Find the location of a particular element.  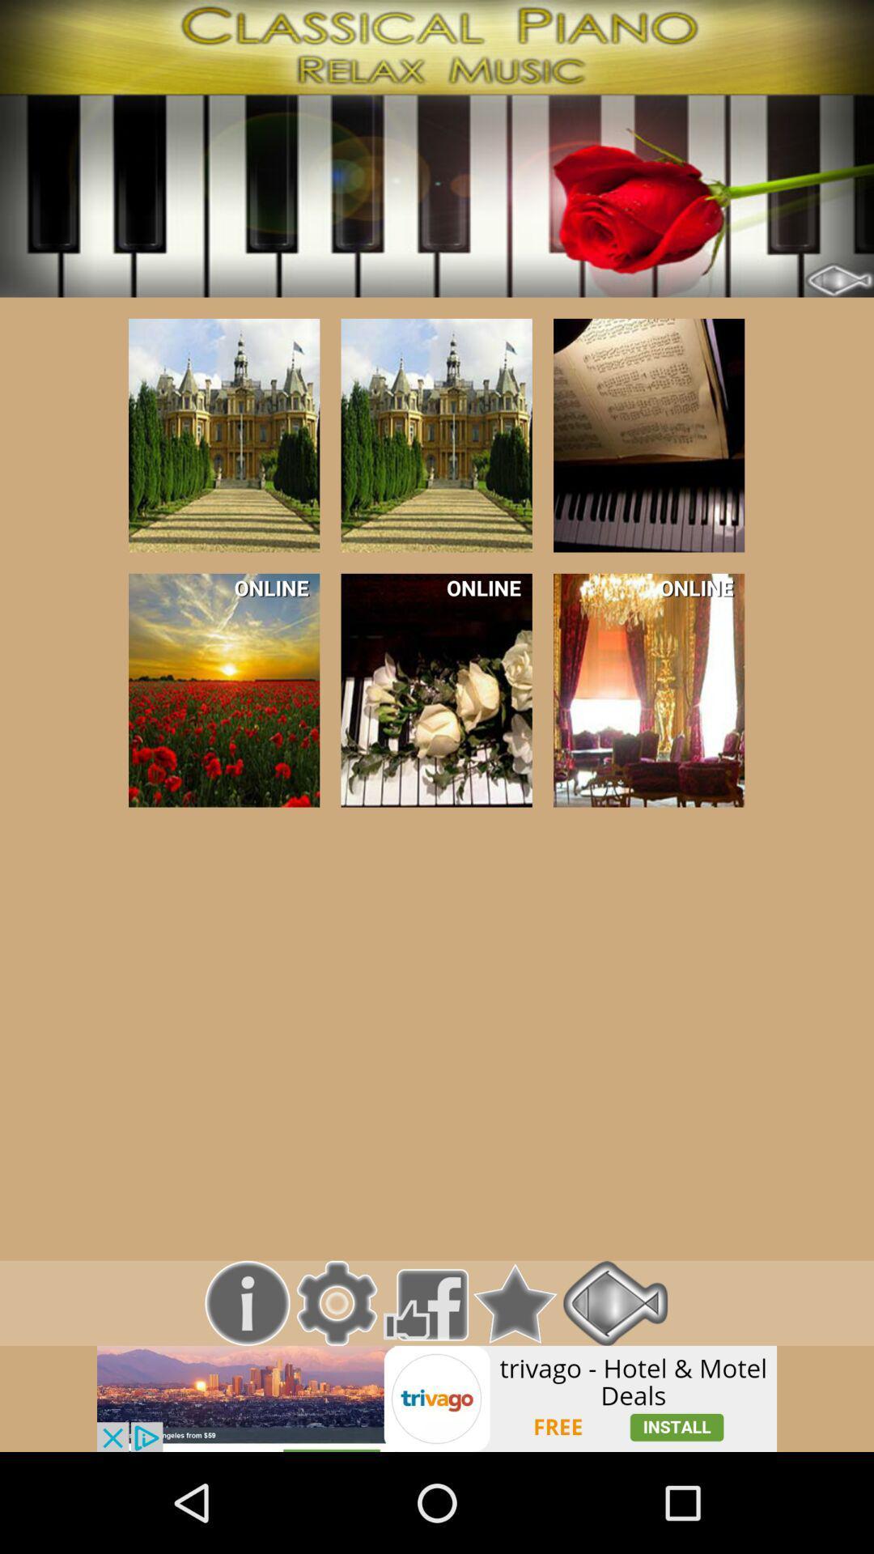

the option is located at coordinates (435, 435).